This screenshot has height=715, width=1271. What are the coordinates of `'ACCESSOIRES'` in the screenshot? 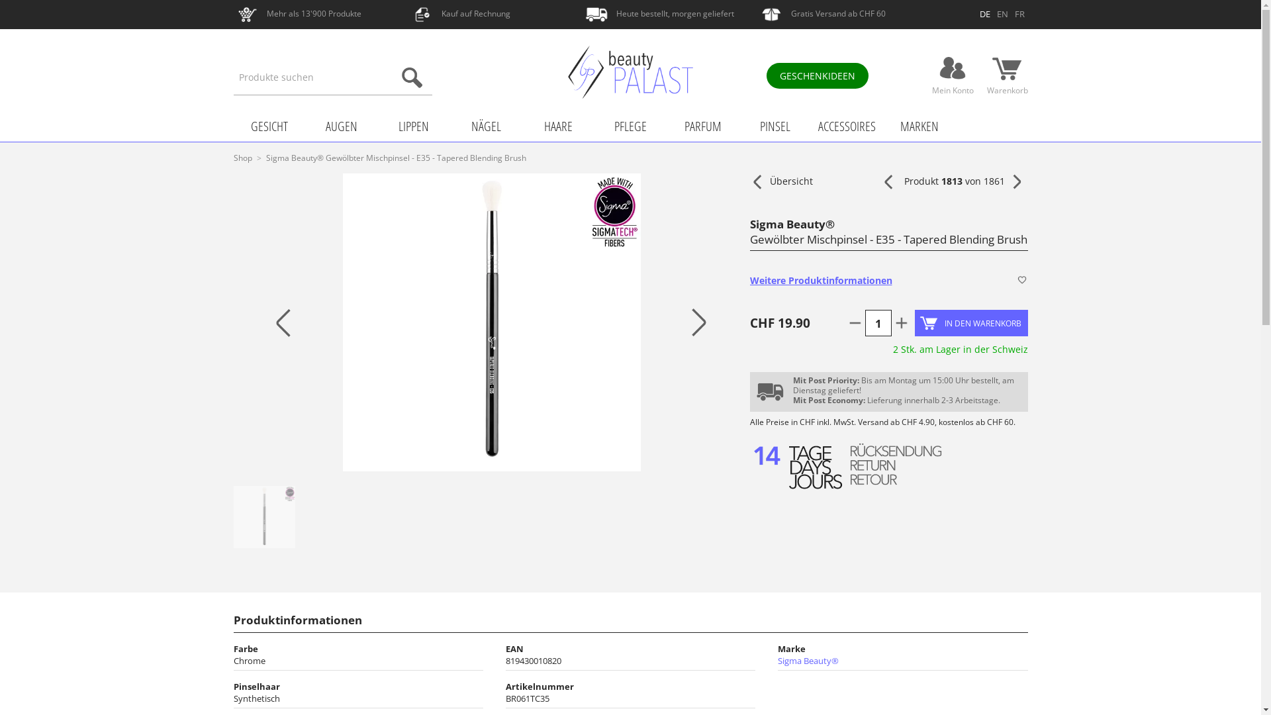 It's located at (846, 127).